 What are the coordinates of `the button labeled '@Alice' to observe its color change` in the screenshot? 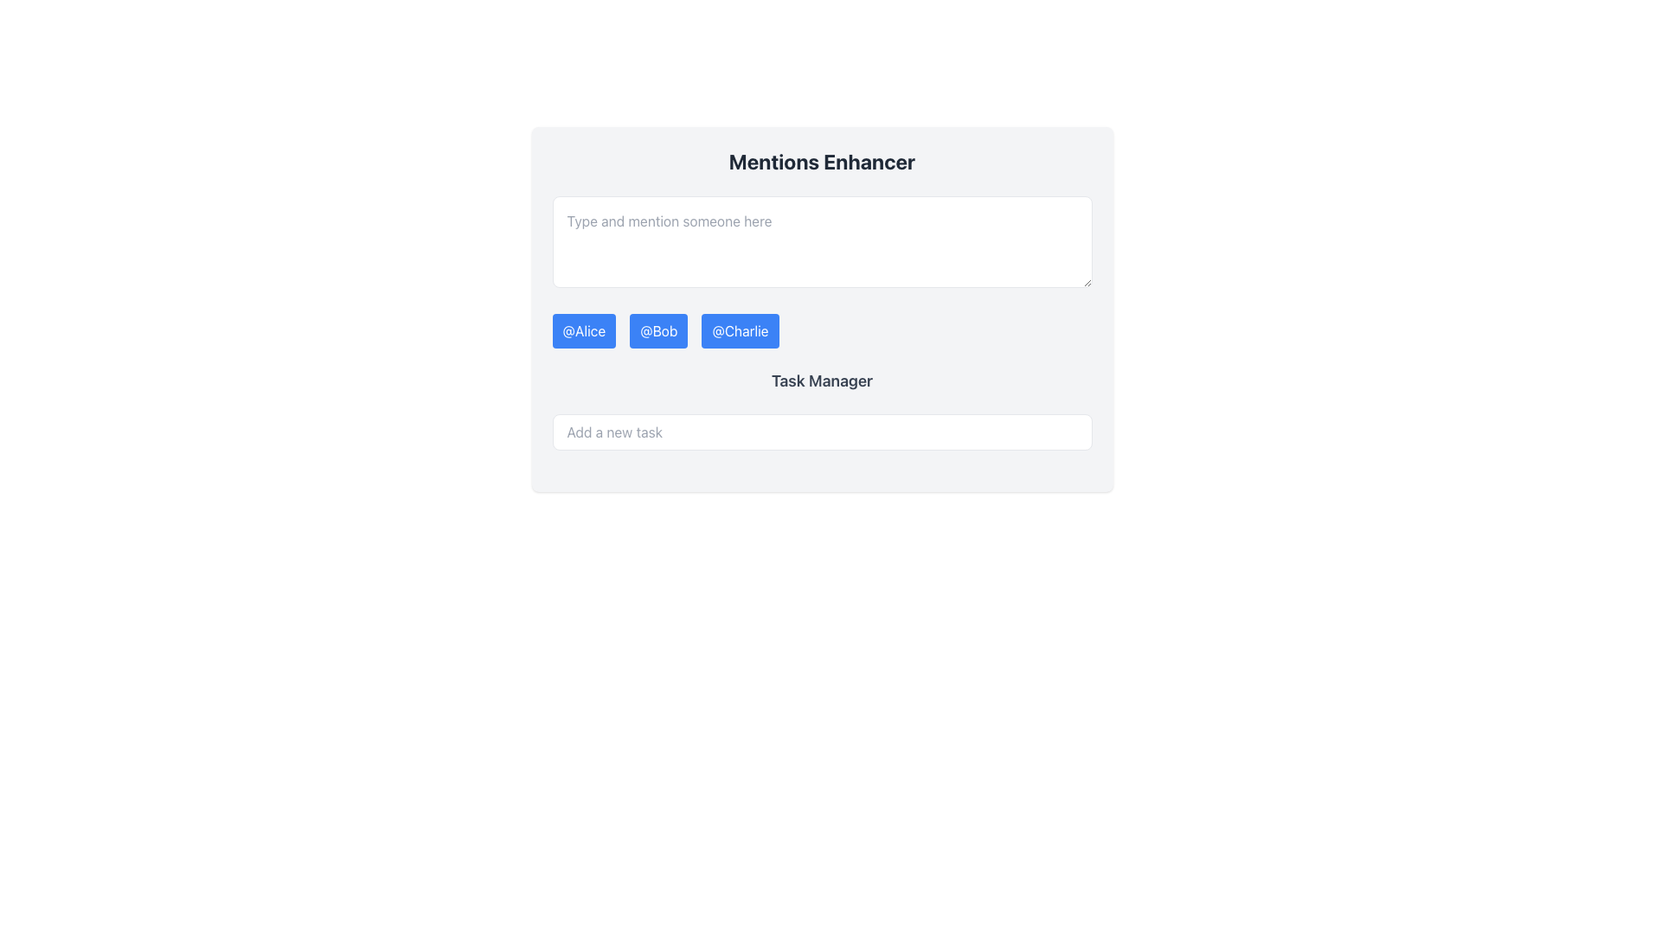 It's located at (584, 330).